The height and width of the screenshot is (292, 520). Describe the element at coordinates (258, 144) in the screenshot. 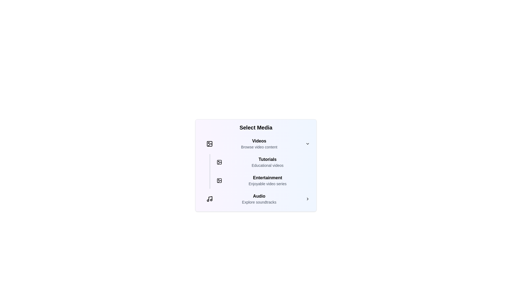

I see `the first menu option under 'Select Media'` at that location.